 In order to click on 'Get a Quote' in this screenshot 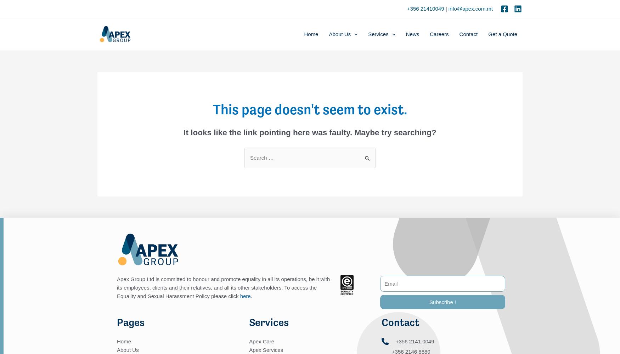, I will do `click(502, 34)`.